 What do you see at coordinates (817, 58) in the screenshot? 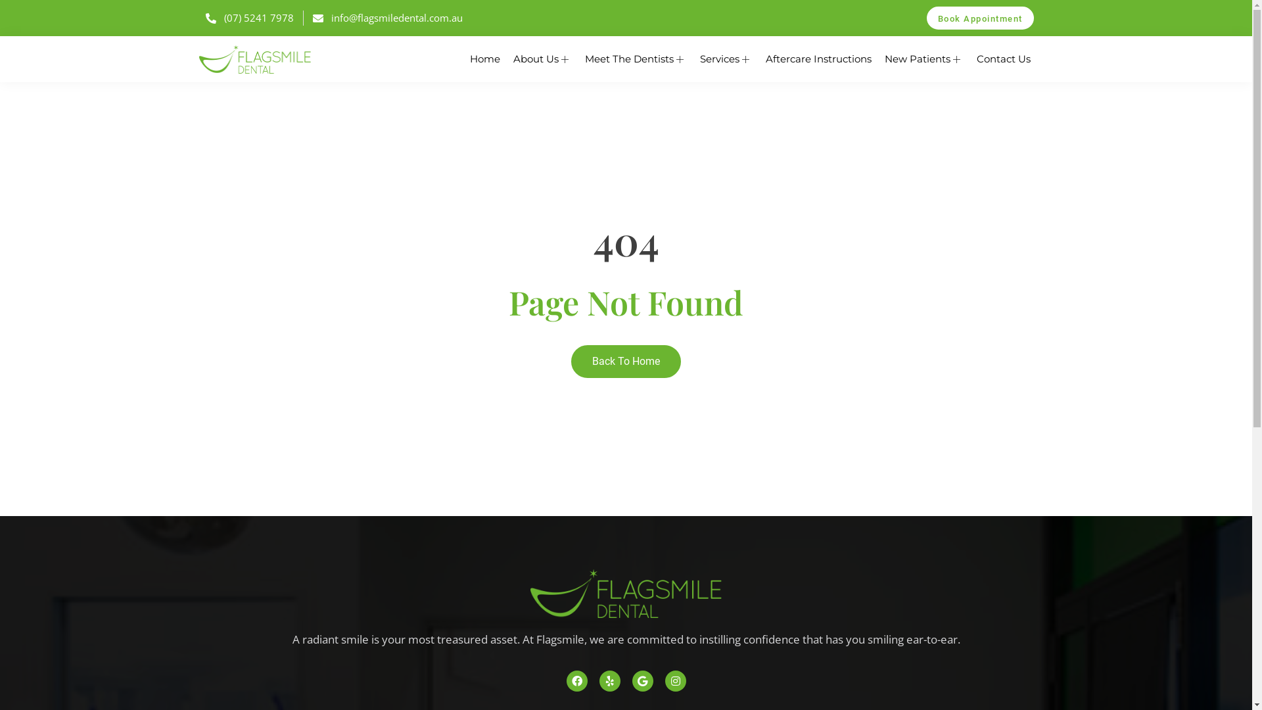
I see `'Aftercare Instructions'` at bounding box center [817, 58].